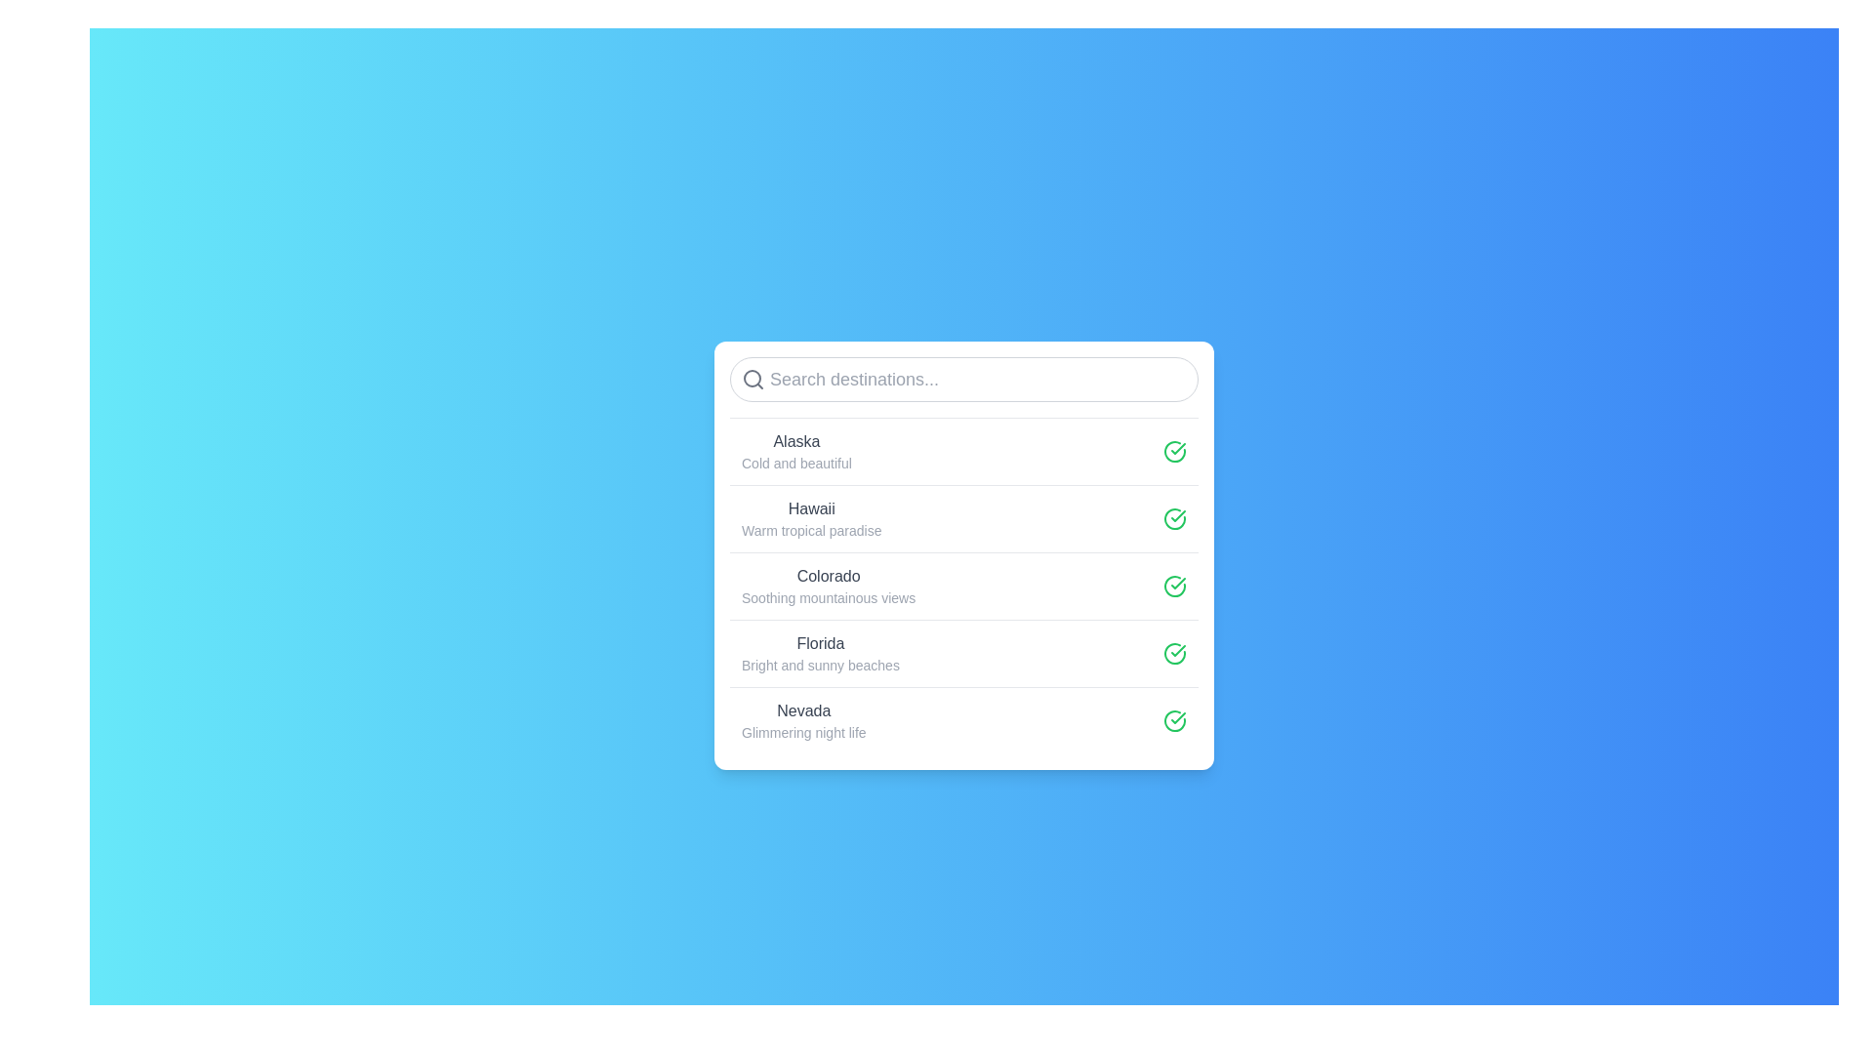 The image size is (1874, 1054). I want to click on the third entry in the vertically arranged list, which contains a bold title and a lighter subtitle, located within a white box with selectable options, so click(964, 585).